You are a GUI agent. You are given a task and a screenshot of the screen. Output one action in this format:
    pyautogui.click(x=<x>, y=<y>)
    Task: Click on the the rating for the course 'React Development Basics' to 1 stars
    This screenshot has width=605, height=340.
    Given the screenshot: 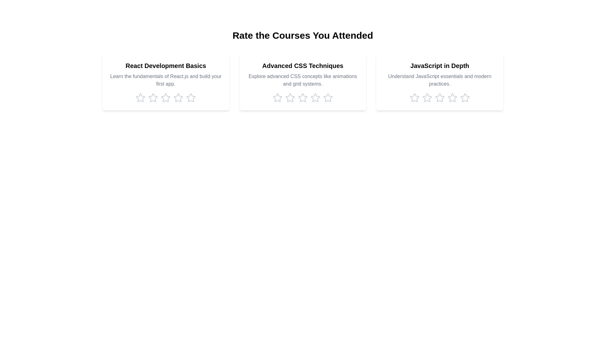 What is the action you would take?
    pyautogui.click(x=140, y=98)
    